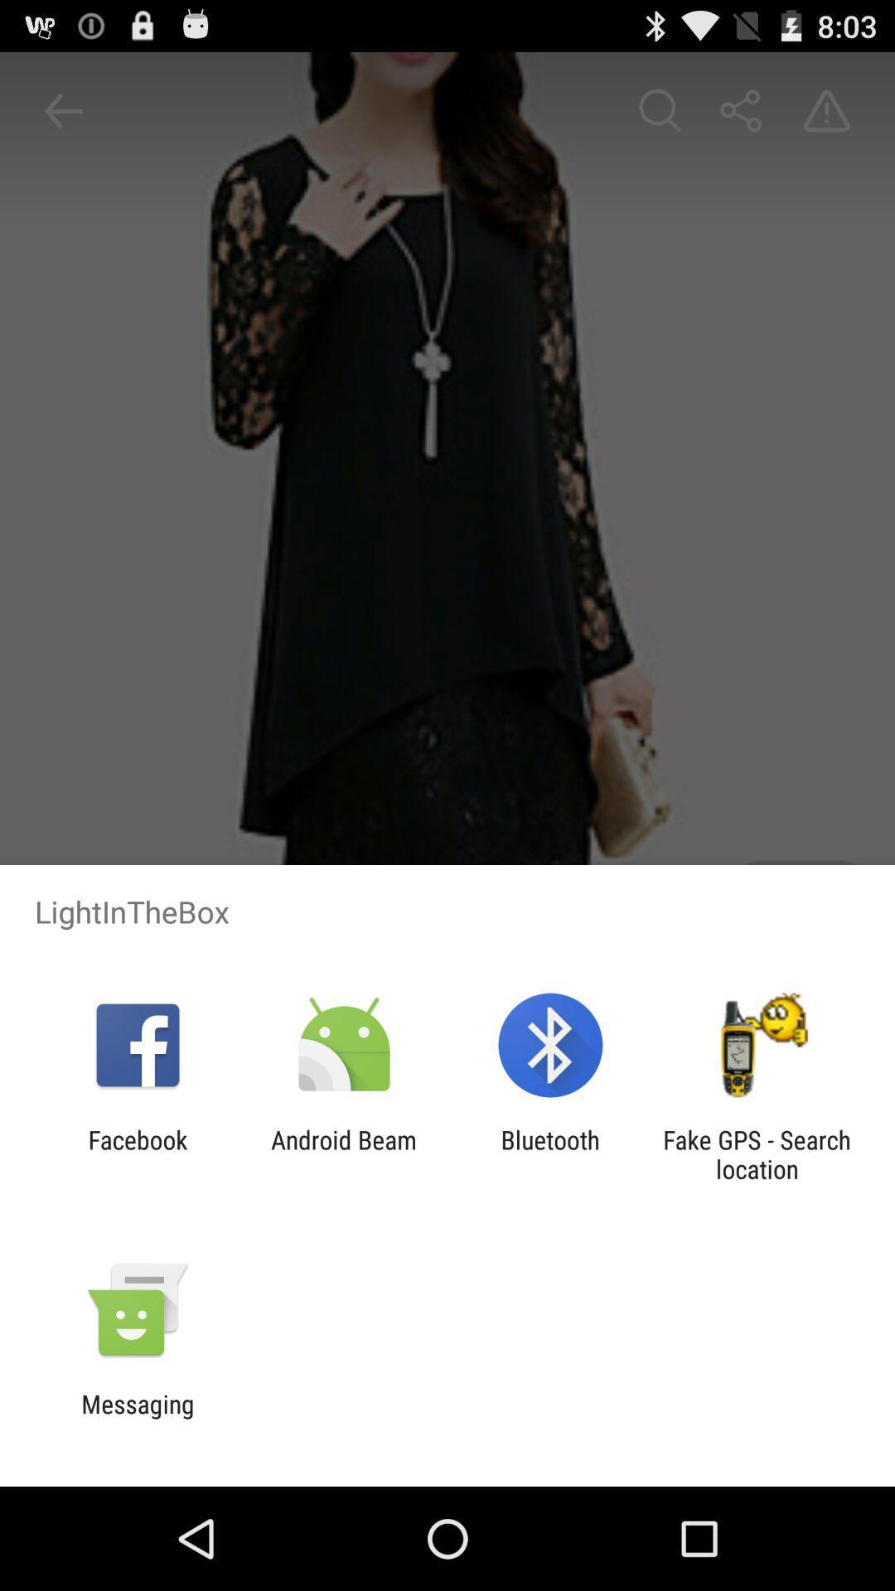  What do you see at coordinates (343, 1153) in the screenshot?
I see `the android beam` at bounding box center [343, 1153].